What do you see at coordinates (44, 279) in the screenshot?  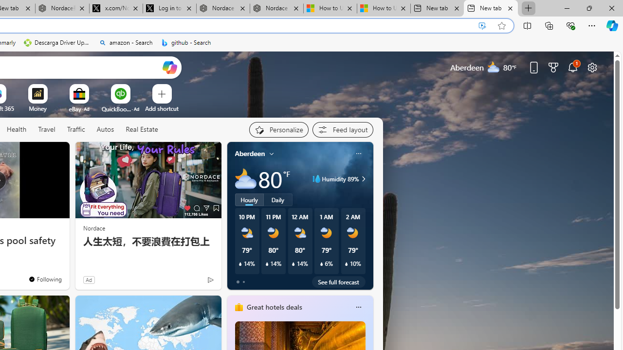 I see `'You'` at bounding box center [44, 279].